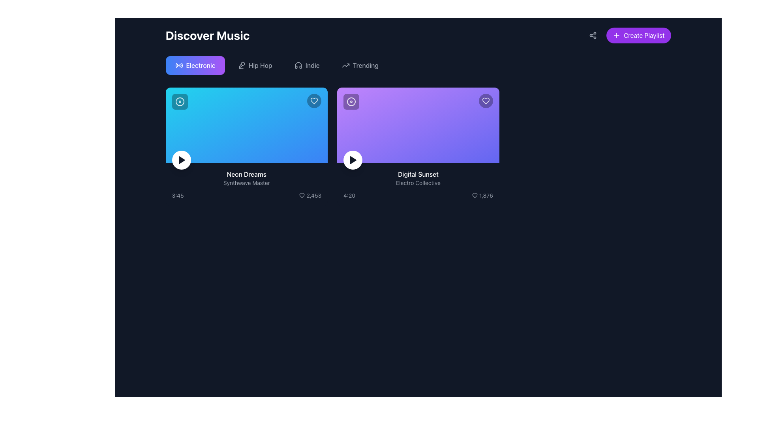  What do you see at coordinates (314, 100) in the screenshot?
I see `the circular like button with a heart-shaped outline located at the top-right corner of the 'Neon Dreams' blue card` at bounding box center [314, 100].